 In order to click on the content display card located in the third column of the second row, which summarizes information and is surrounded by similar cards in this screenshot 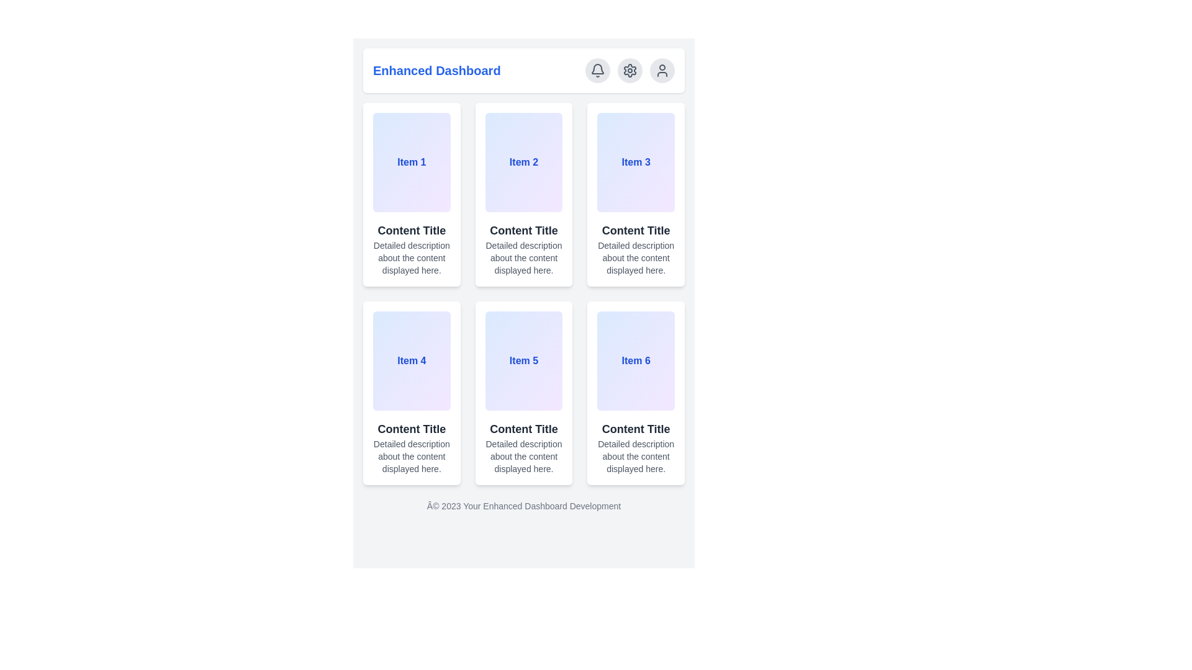, I will do `click(636, 393)`.